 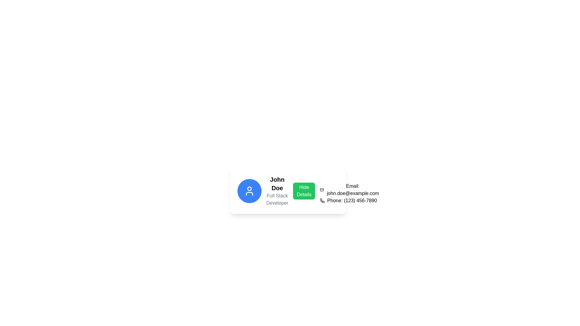 What do you see at coordinates (350, 200) in the screenshot?
I see `phone number displayed next to the phone icon, which shows 'Phone: (123) 456-7890'` at bounding box center [350, 200].